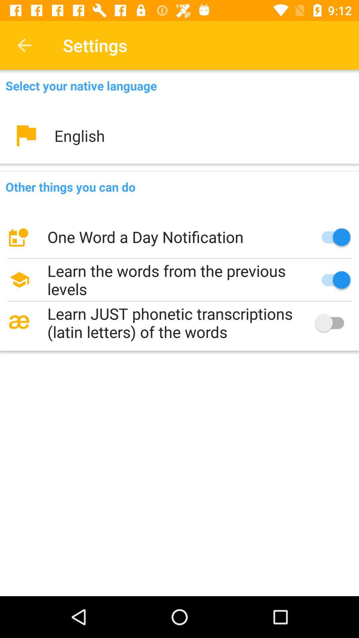  Describe the element at coordinates (179, 237) in the screenshot. I see `item below the other things you` at that location.